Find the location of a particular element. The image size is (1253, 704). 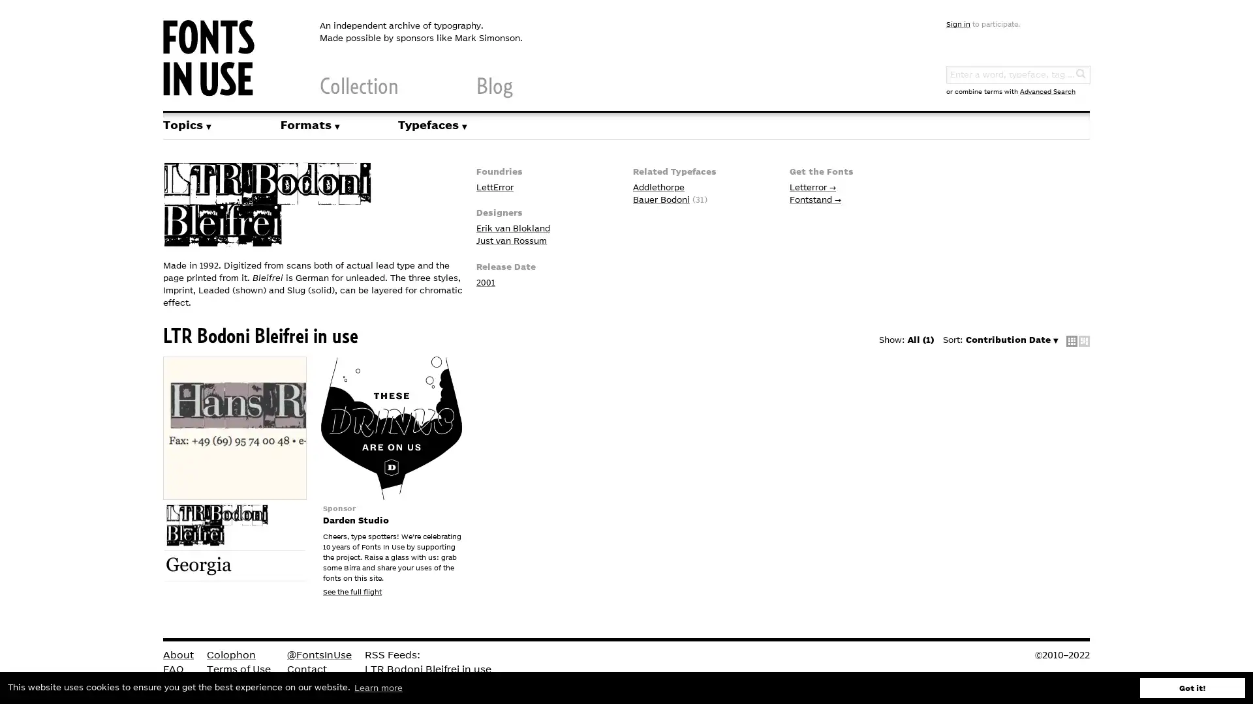

dismiss cookie message is located at coordinates (1192, 687).